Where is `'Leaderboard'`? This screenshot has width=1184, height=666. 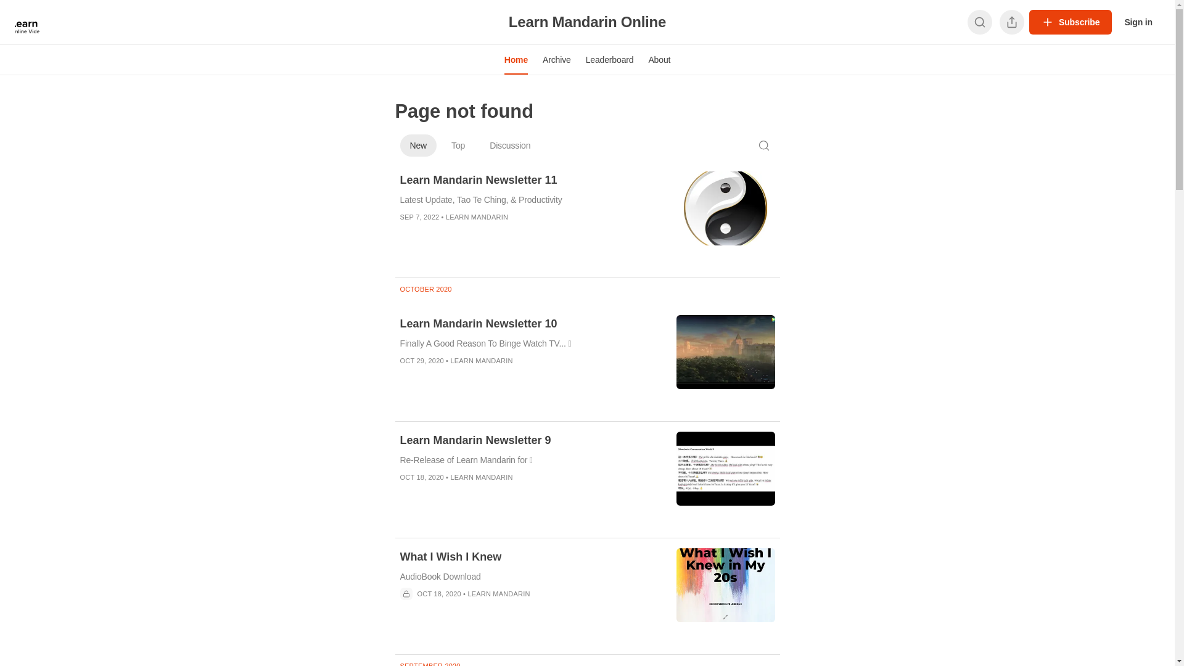 'Leaderboard' is located at coordinates (609, 59).